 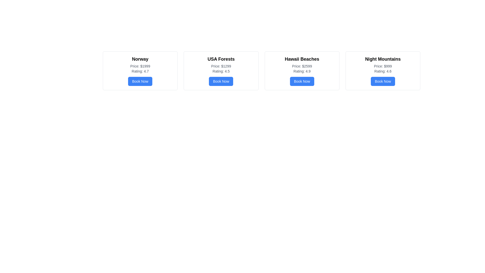 What do you see at coordinates (140, 71) in the screenshot?
I see `the text displaying 'Rating: 4.7' located under 'Price: $1999' and above the 'Book Now' button` at bounding box center [140, 71].